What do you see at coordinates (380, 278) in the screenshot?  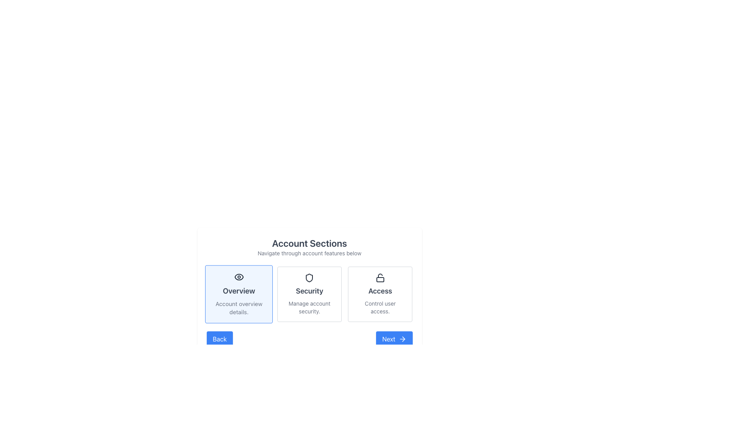 I see `the access control icon located in the upper portion of the 'Access' card, which is the third card in the horizontal row of three within the 'Account Sections' section` at bounding box center [380, 278].